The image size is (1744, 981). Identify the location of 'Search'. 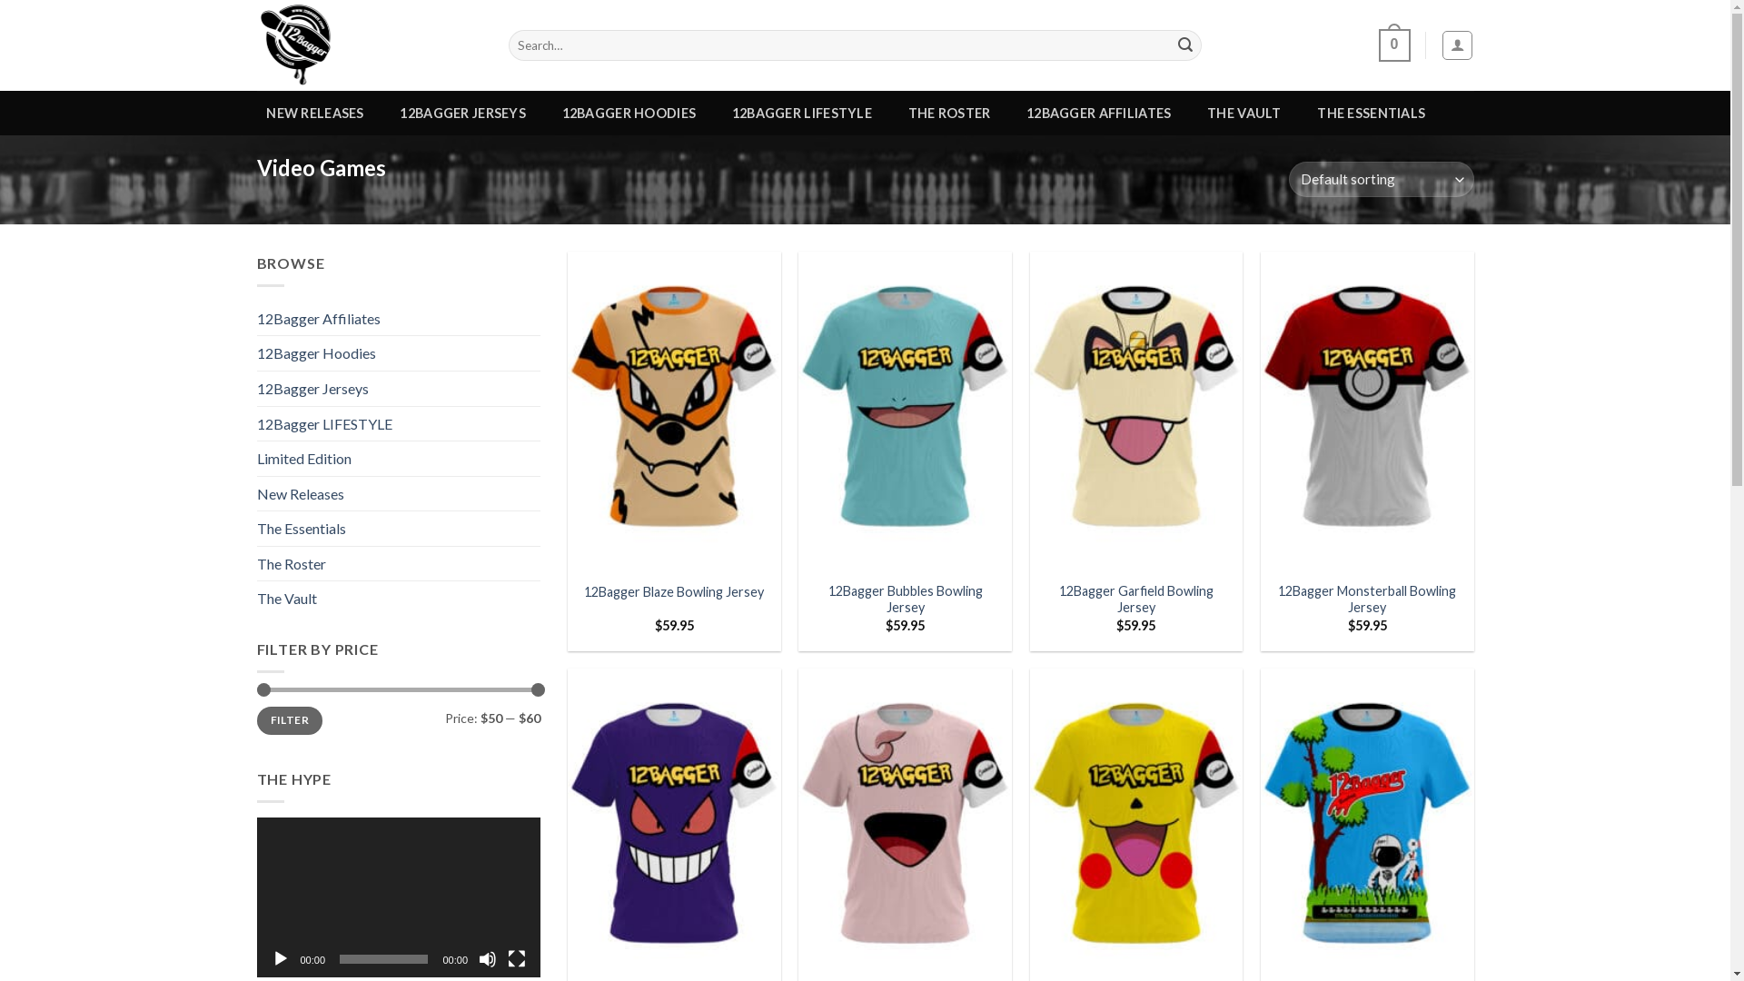
(1185, 45).